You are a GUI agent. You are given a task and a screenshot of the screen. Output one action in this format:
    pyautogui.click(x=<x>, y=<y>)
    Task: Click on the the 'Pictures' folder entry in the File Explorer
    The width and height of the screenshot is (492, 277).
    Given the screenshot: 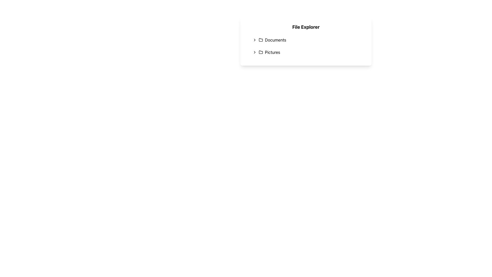 What is the action you would take?
    pyautogui.click(x=307, y=52)
    